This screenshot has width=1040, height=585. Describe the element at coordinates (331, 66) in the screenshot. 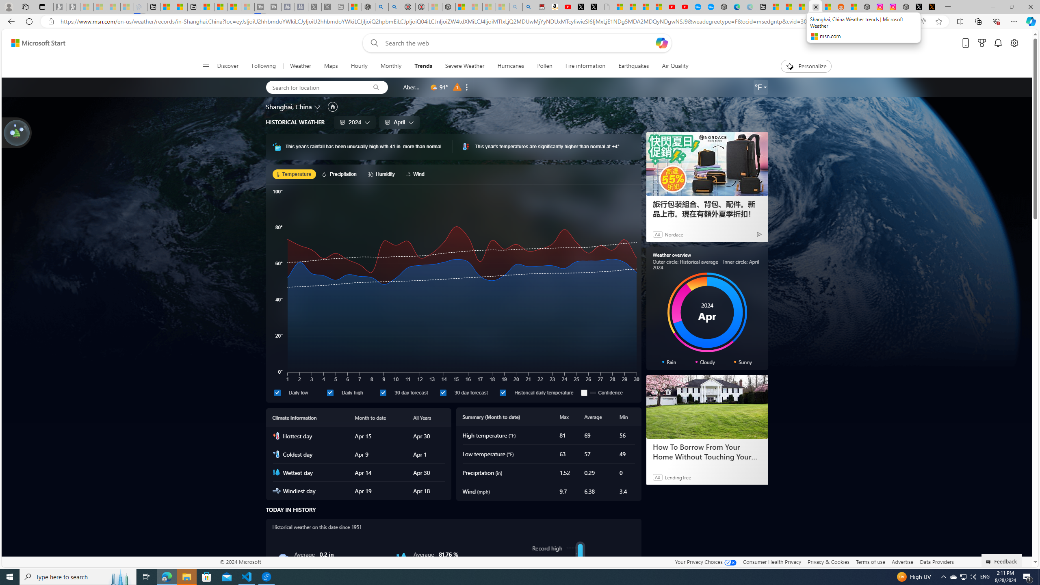

I see `'Maps'` at that location.